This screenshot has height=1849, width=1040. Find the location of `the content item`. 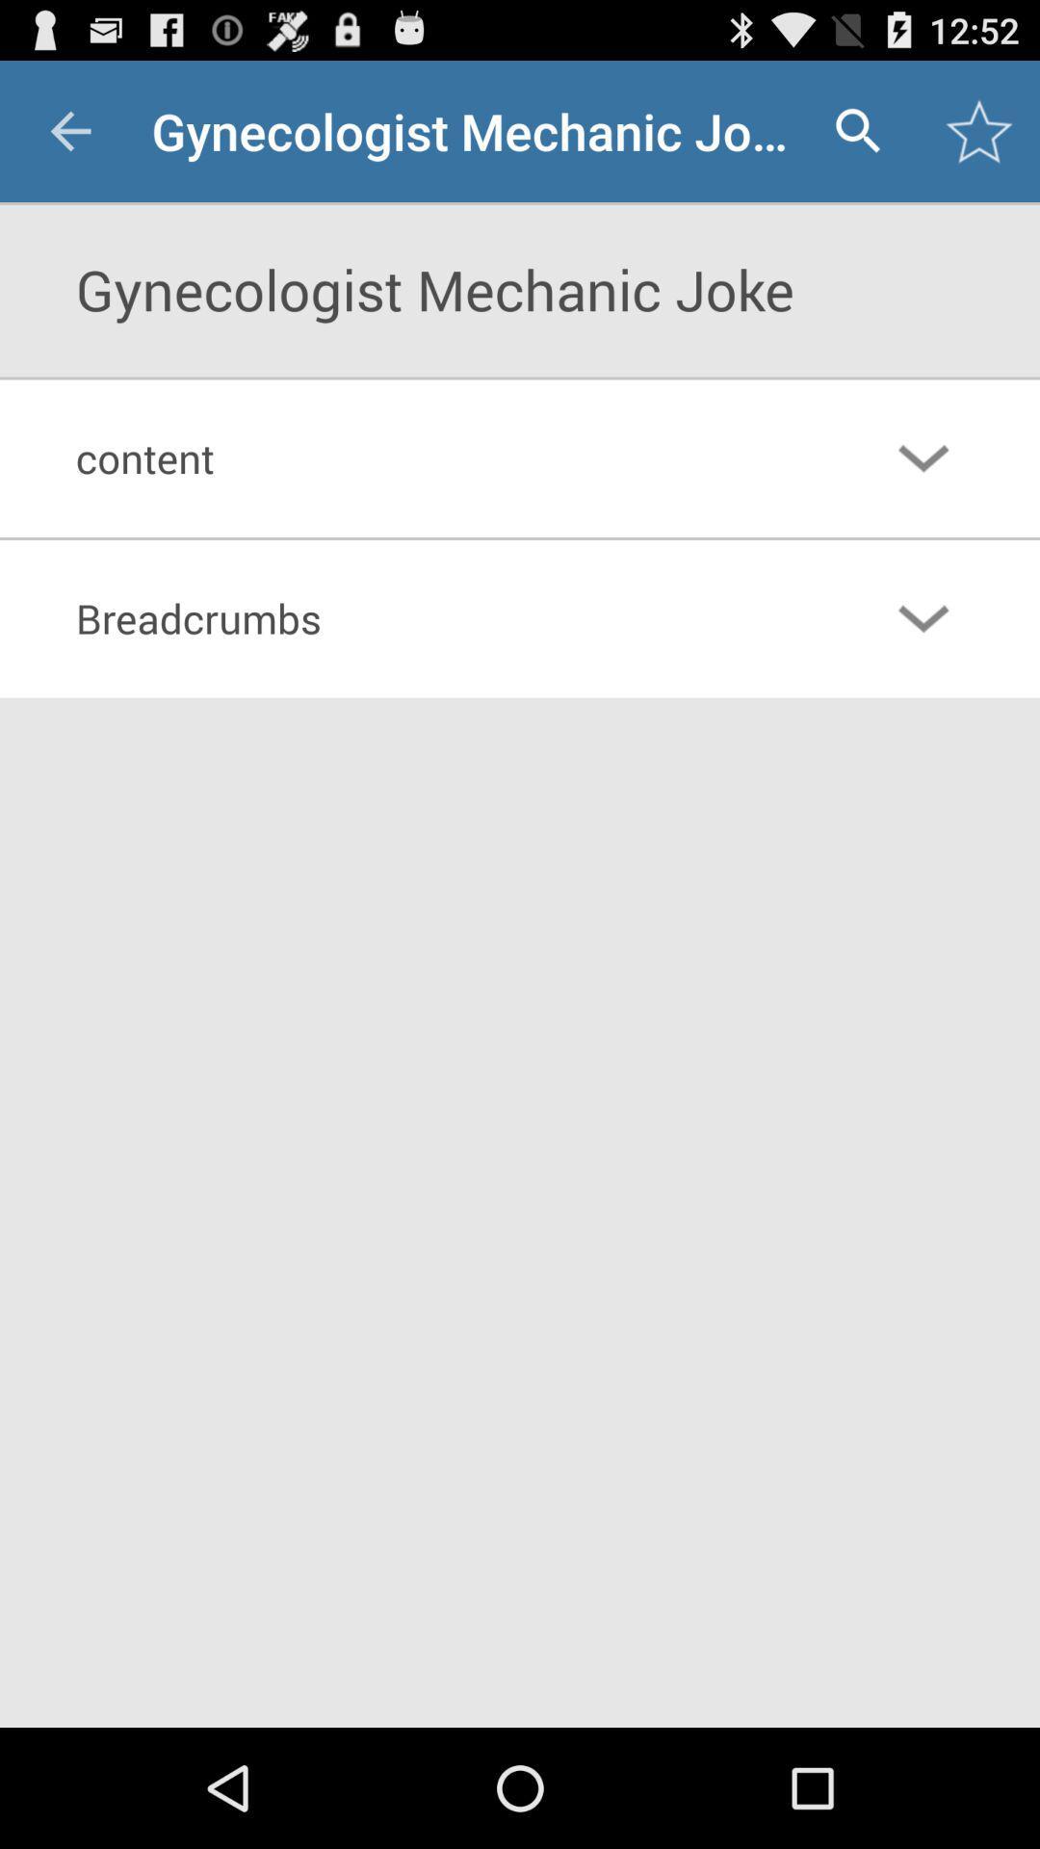

the content item is located at coordinates (441, 456).